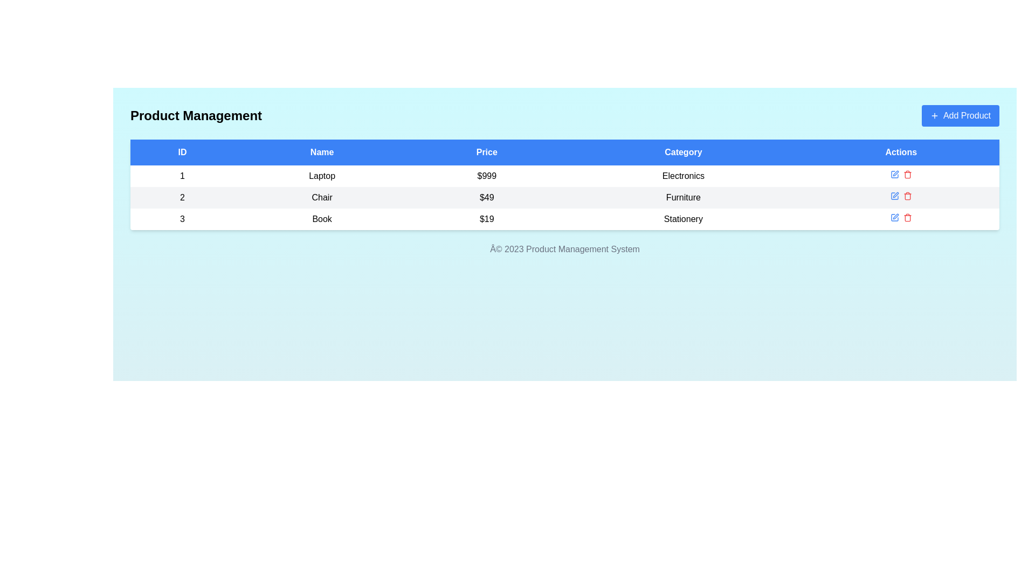  What do you see at coordinates (564, 176) in the screenshot?
I see `on the first row of the products table` at bounding box center [564, 176].